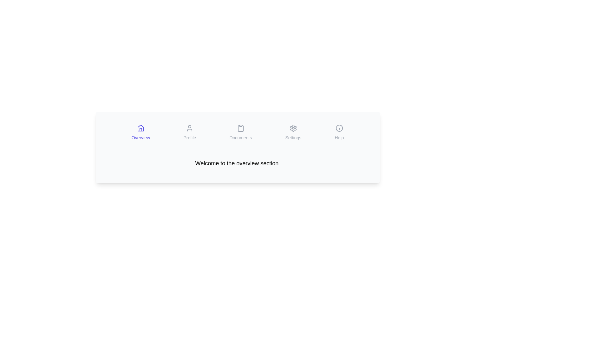  I want to click on the text label that displays 'Welcome to the overview section.' which is located beneath the navigation options in the header layout, so click(237, 163).